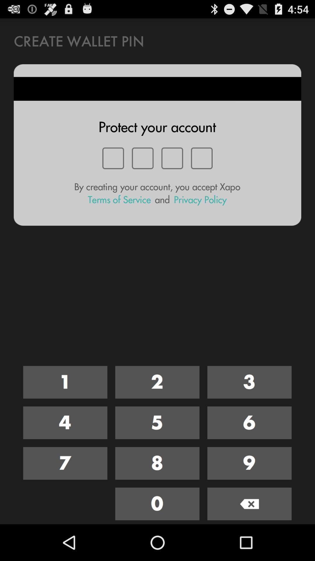 The width and height of the screenshot is (315, 561). I want to click on the number 9, so click(249, 463).